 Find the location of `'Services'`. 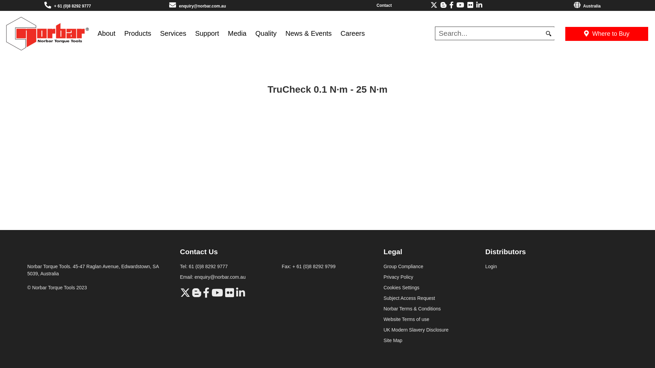

'Services' is located at coordinates (173, 33).